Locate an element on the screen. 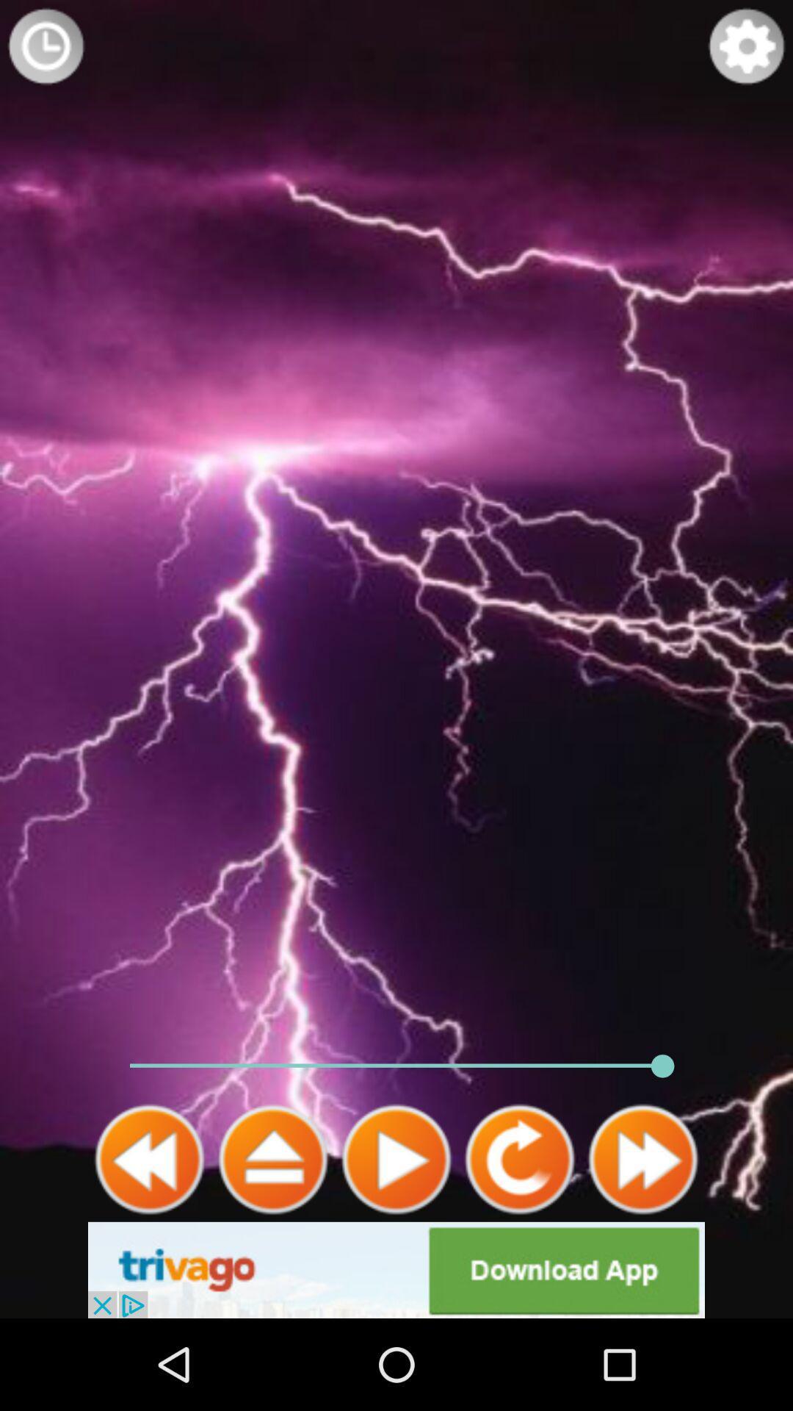 This screenshot has width=793, height=1411. fast forward is located at coordinates (642, 1159).